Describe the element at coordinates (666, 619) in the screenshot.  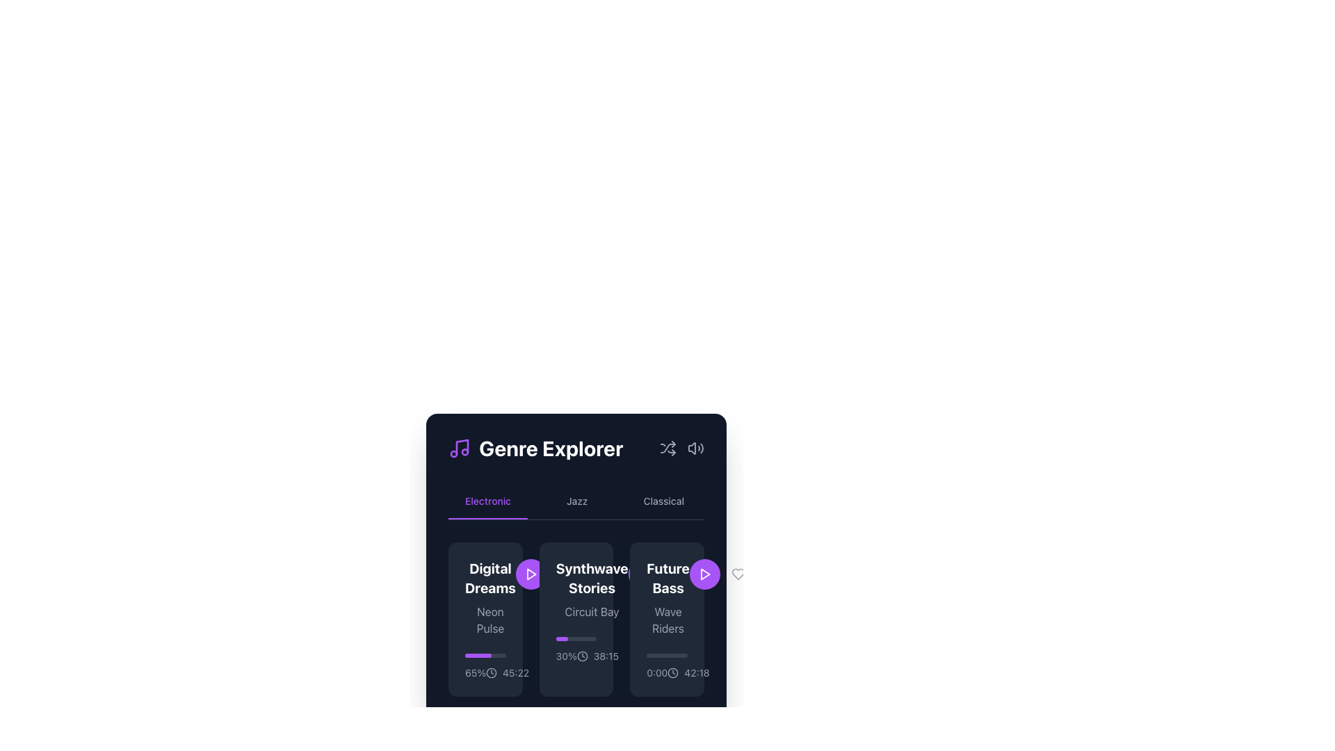
I see `the third card representing a music track in the 'Future Bass' category to activate hover effects` at that location.